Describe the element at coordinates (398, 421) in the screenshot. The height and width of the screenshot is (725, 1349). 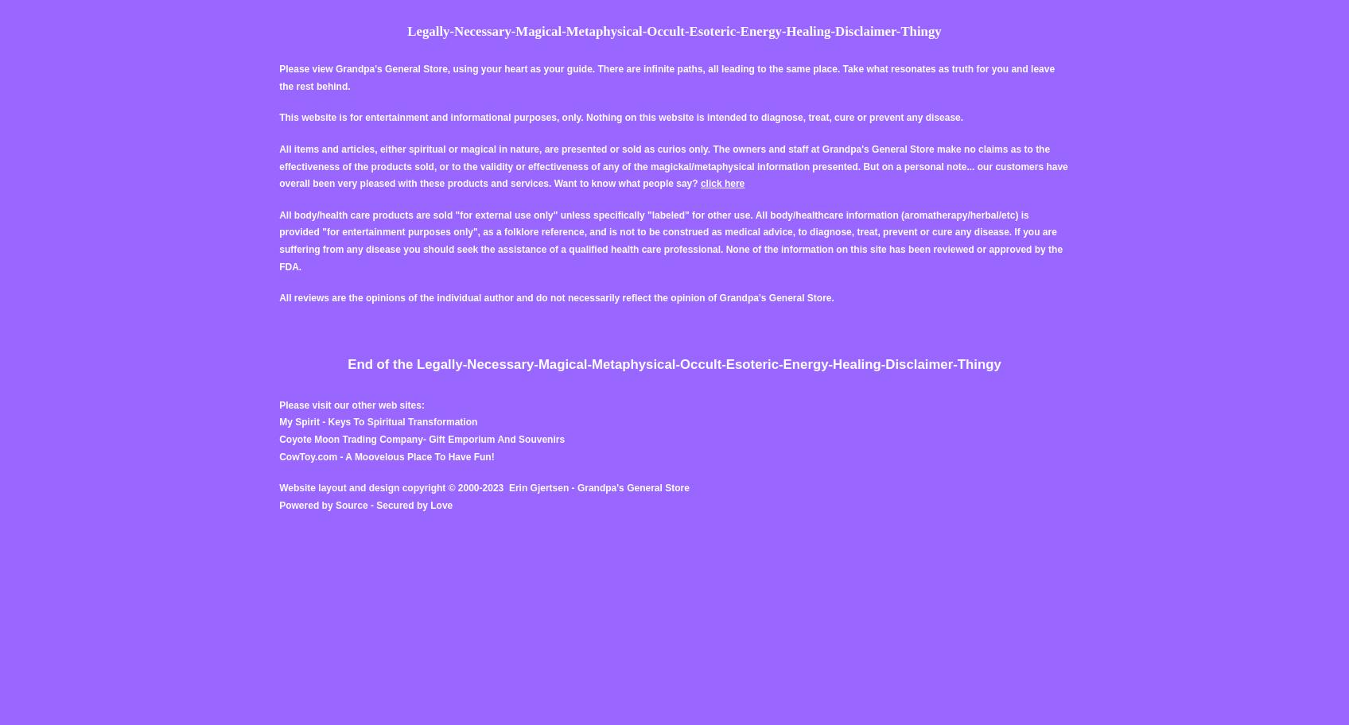
I see `'- Keys To Spiritual Transformation'` at that location.